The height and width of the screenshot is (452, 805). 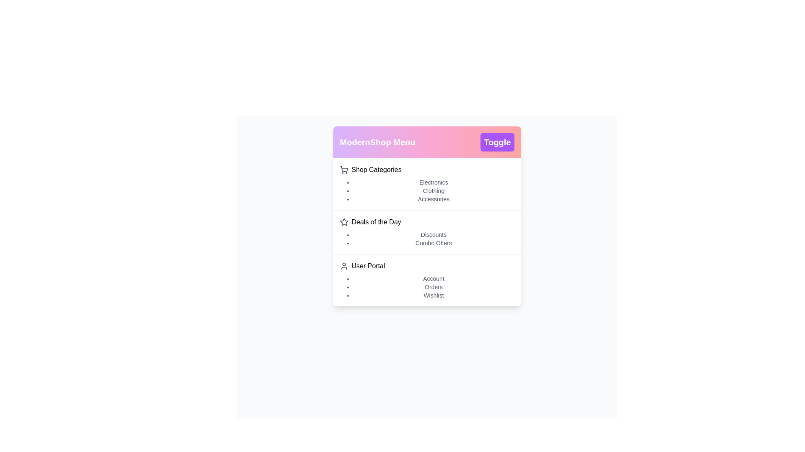 What do you see at coordinates (427, 266) in the screenshot?
I see `the main menu item User Portal to expand or select it` at bounding box center [427, 266].